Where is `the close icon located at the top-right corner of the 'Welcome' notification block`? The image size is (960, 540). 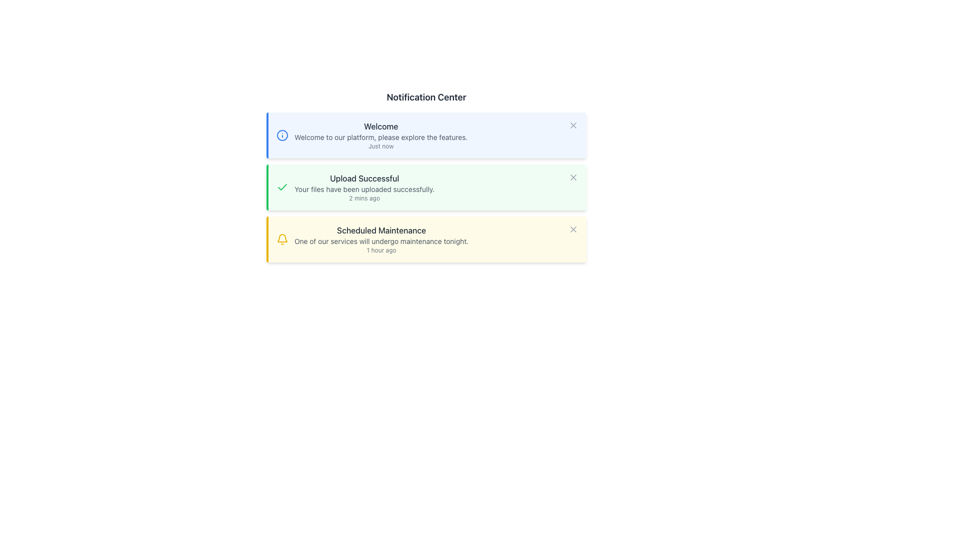 the close icon located at the top-right corner of the 'Welcome' notification block is located at coordinates (573, 124).